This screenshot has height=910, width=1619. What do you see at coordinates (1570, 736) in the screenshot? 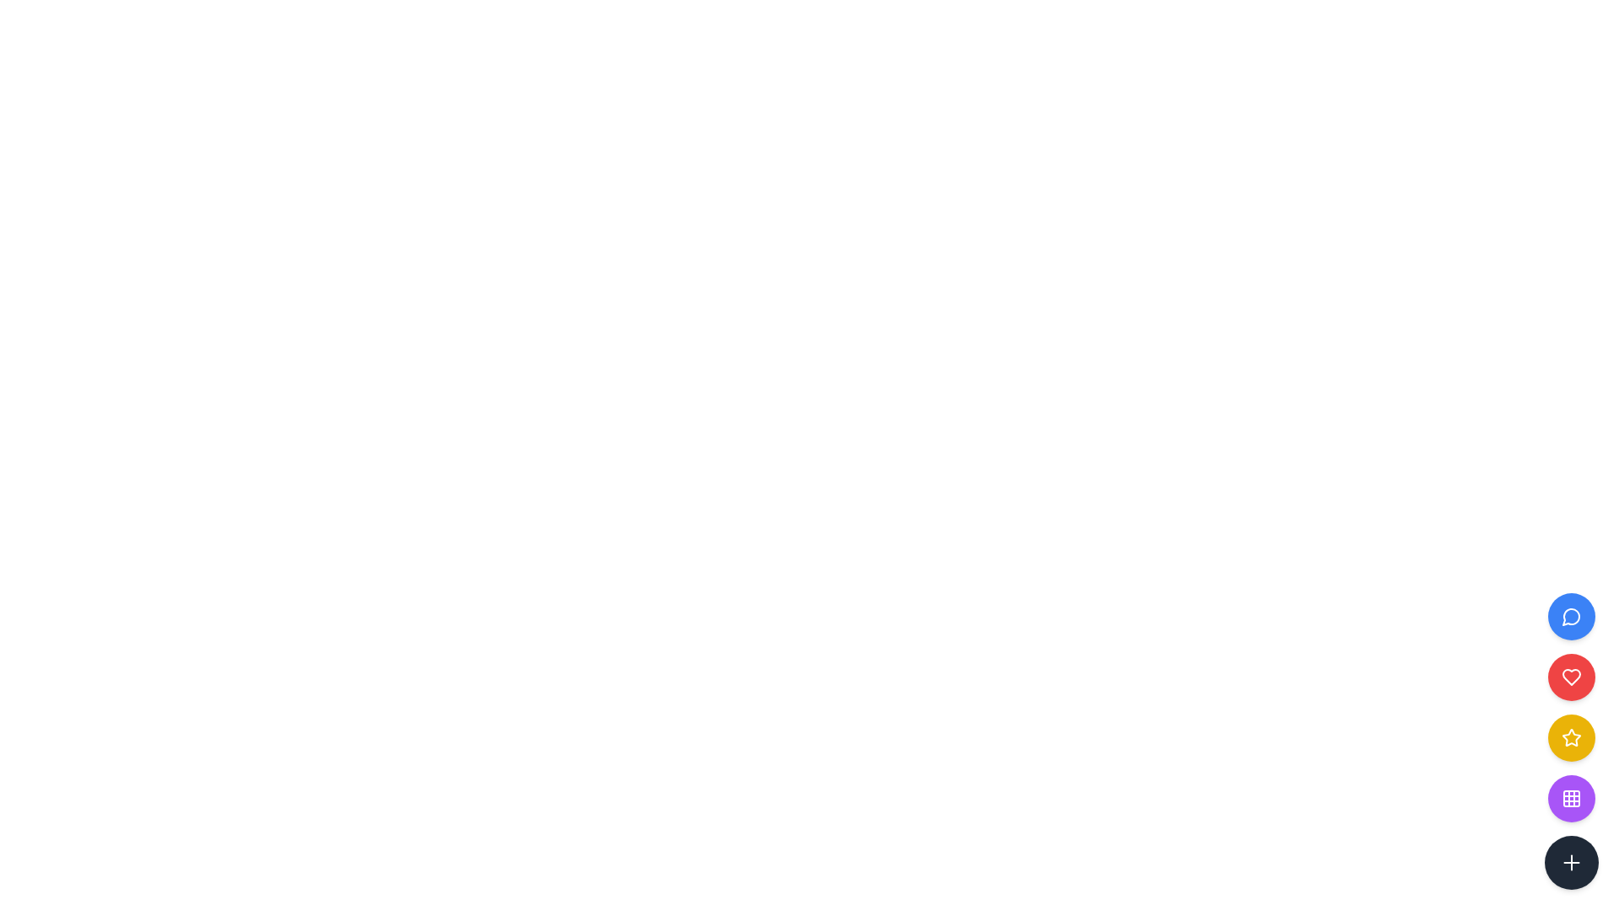
I see `the star icon button, which is located third from the top in a vertical row of icons on the right side of the interface` at bounding box center [1570, 736].